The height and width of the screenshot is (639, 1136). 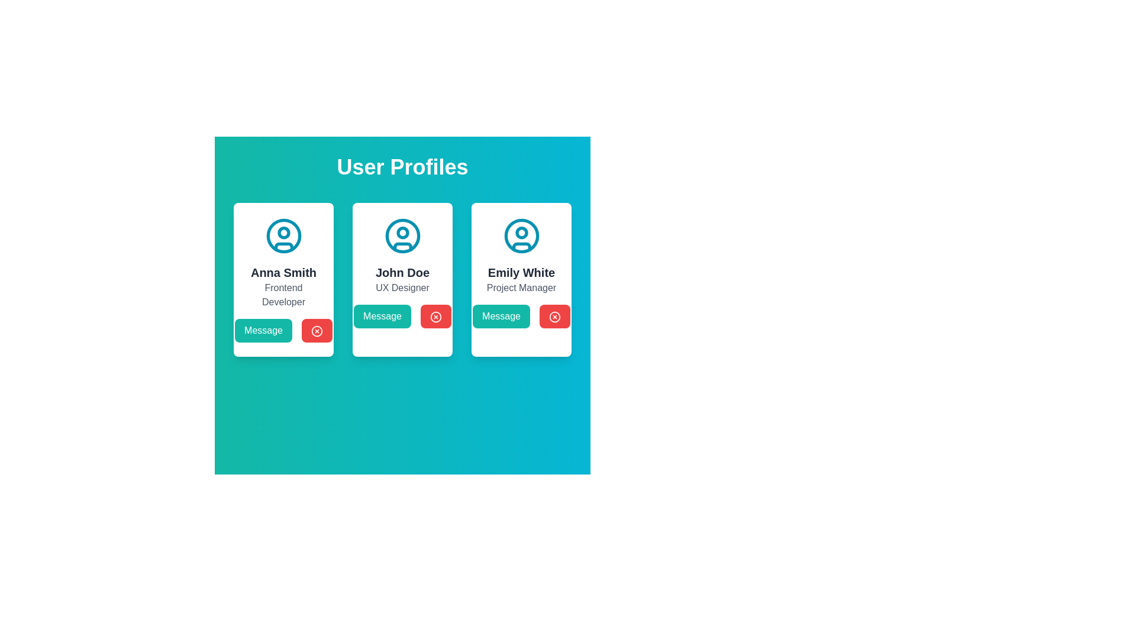 I want to click on the profile avatar icon representing 'John Doe', which has a cyan color and is located at the center of the card, so click(x=402, y=235).